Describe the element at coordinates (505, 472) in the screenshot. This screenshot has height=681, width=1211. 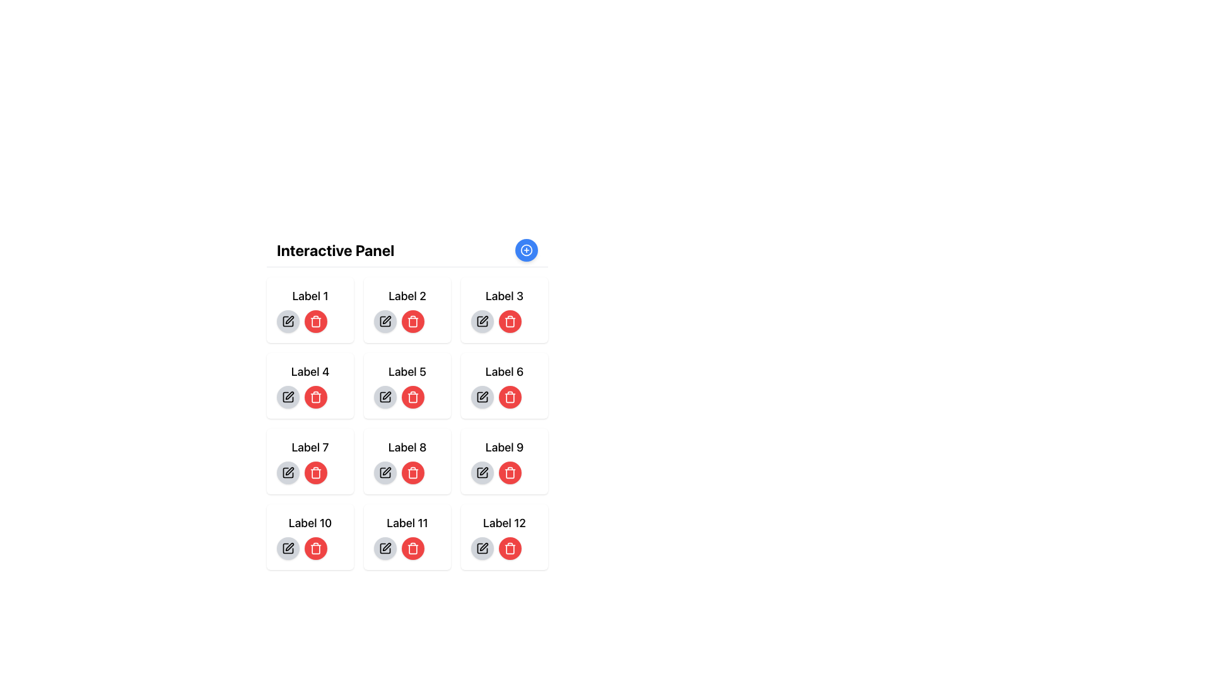
I see `the red button with the trash icon` at that location.